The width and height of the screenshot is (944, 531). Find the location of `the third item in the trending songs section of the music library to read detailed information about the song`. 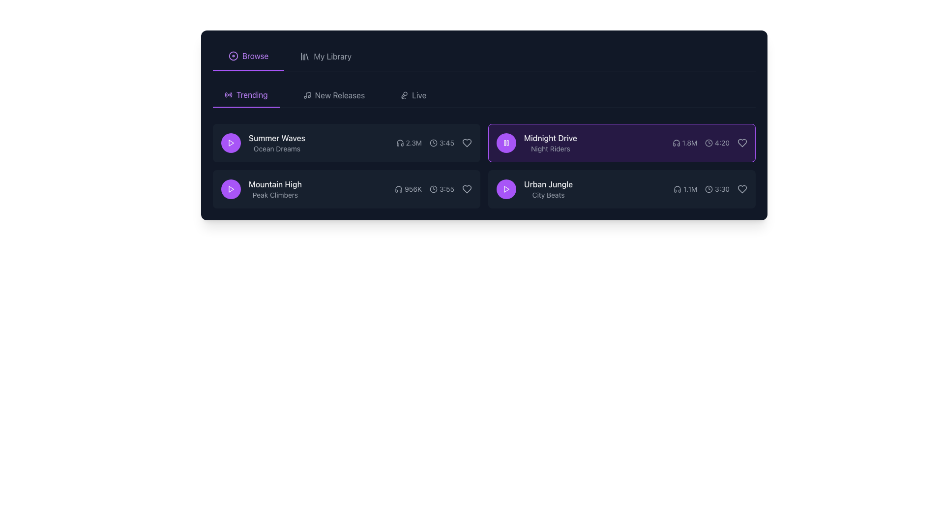

the third item in the trending songs section of the music library to read detailed information about the song is located at coordinates (621, 143).